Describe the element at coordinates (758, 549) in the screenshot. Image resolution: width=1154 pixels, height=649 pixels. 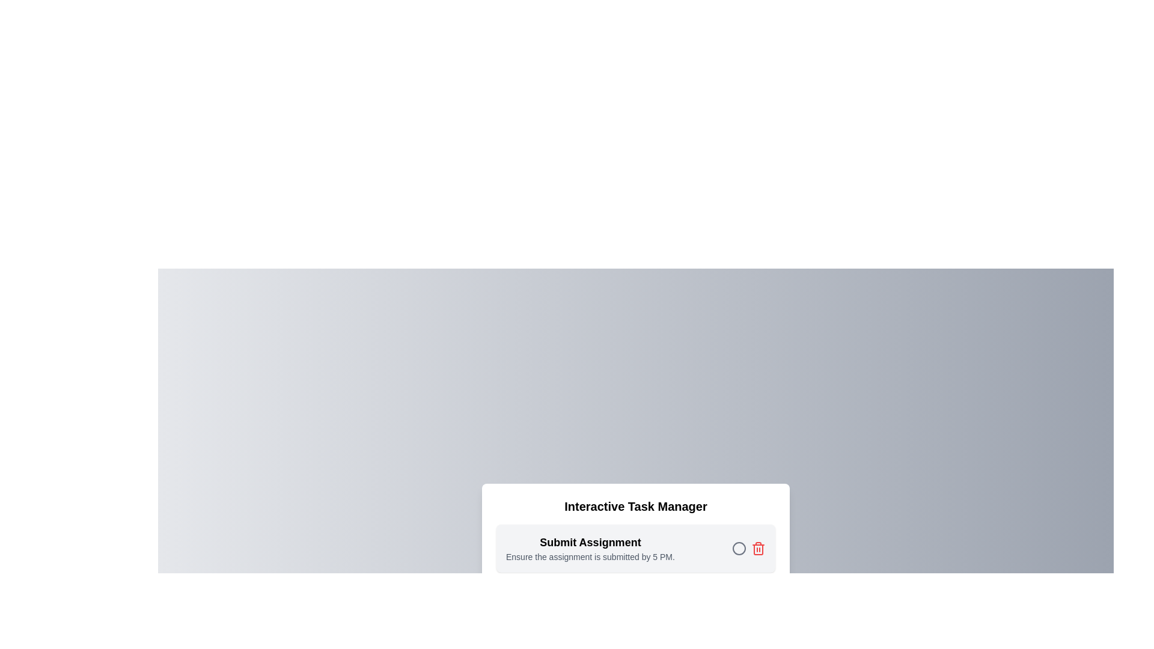
I see `the trash icon for the task with title 'Submit Assignment'` at that location.